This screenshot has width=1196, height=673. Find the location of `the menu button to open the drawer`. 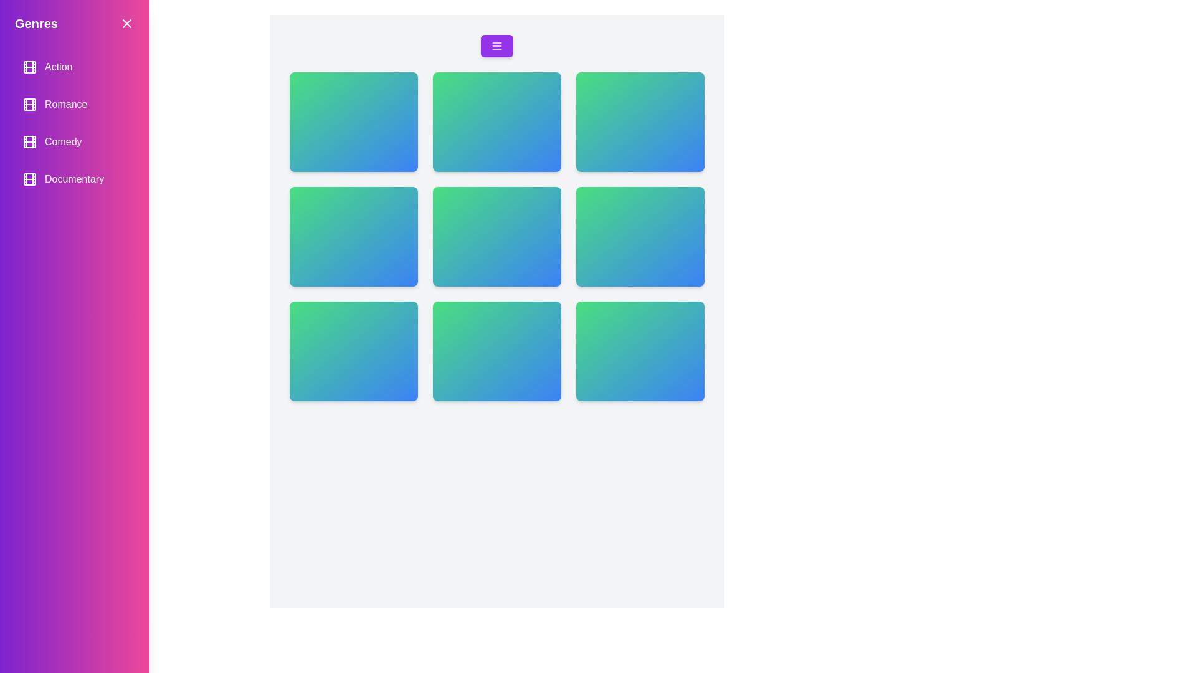

the menu button to open the drawer is located at coordinates (496, 45).